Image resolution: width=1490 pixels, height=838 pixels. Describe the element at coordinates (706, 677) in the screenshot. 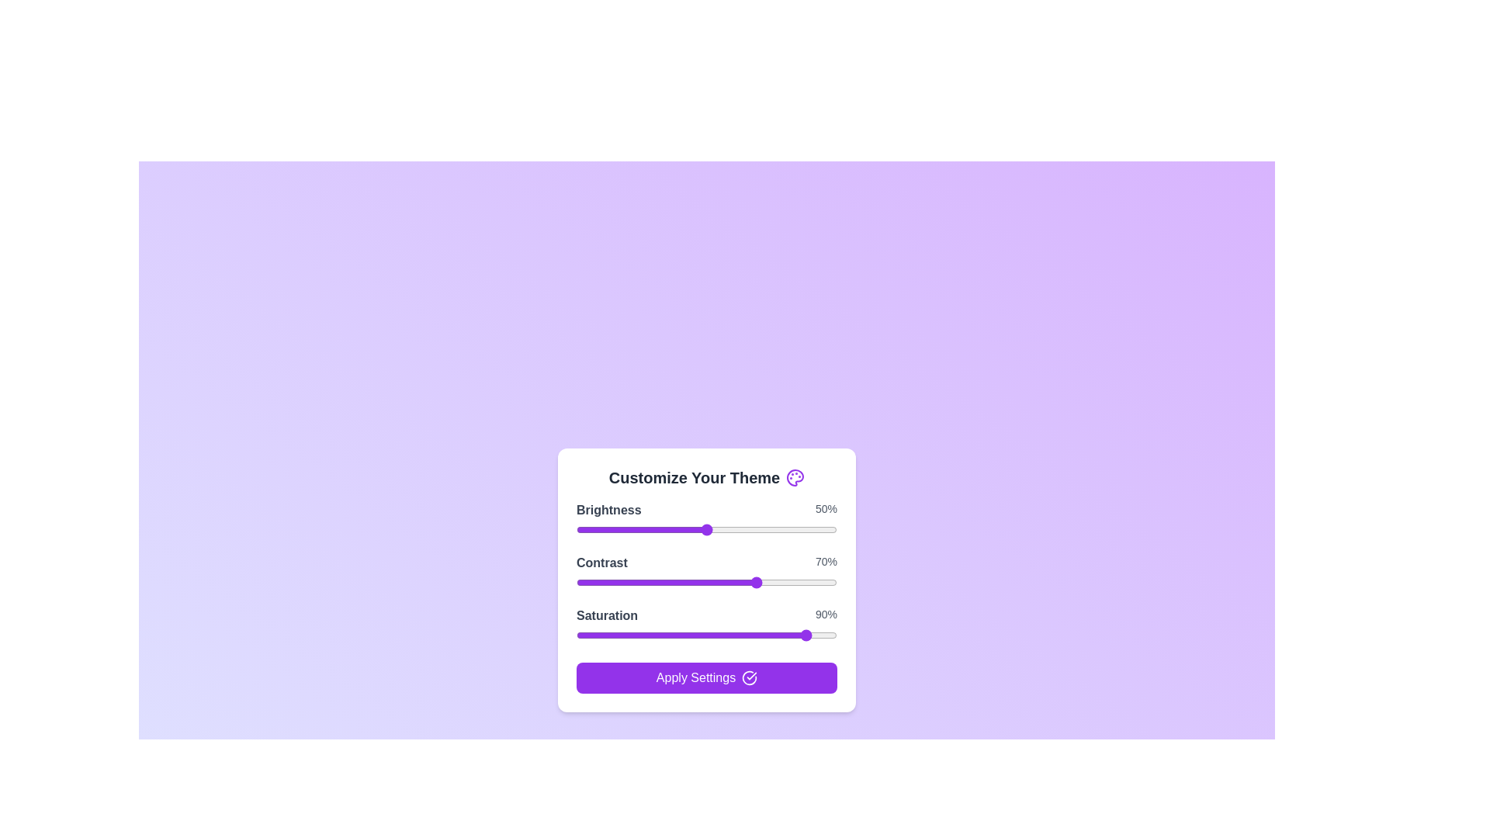

I see `the 'Apply Settings' button` at that location.